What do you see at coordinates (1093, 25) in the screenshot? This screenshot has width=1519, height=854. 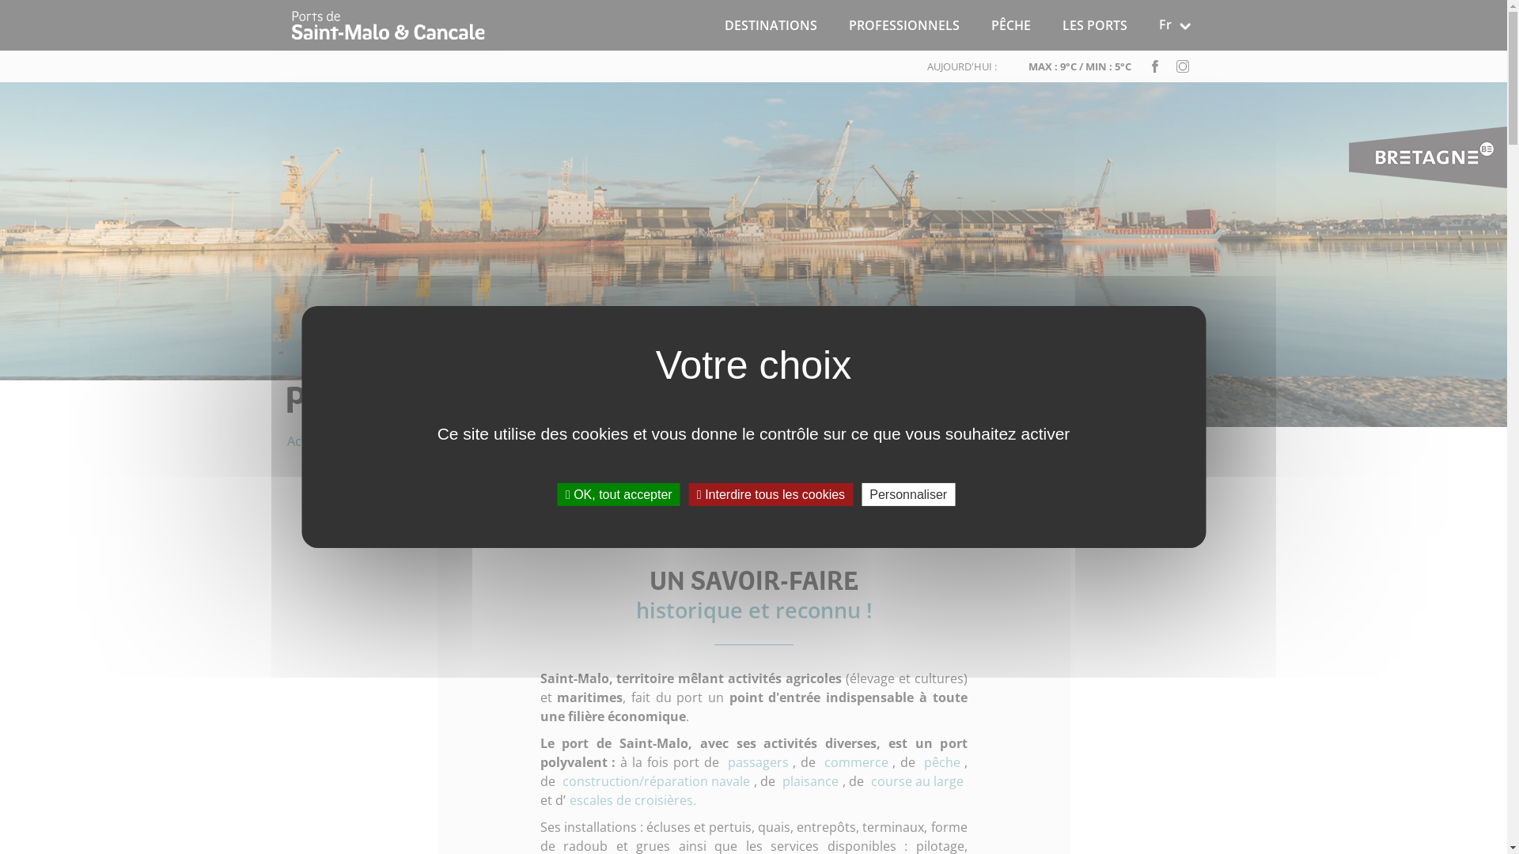 I see `'LES PORTS'` at bounding box center [1093, 25].